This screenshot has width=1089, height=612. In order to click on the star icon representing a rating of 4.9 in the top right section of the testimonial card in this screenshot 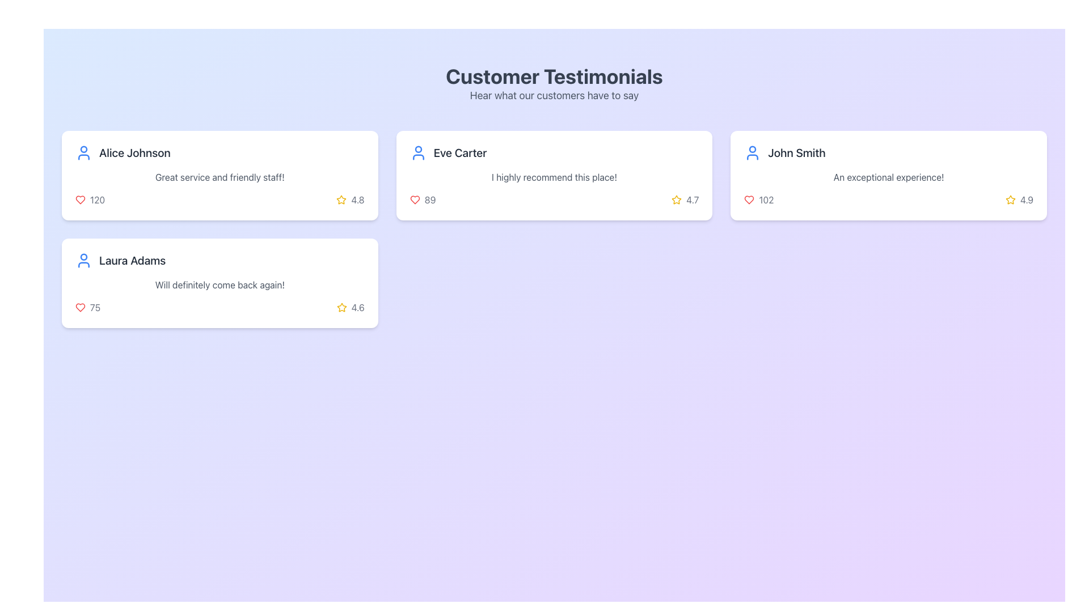, I will do `click(1010, 199)`.